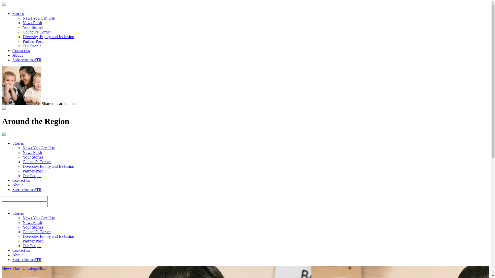 This screenshot has height=278, width=495. I want to click on 'Diversity, Equity and Inclusion', so click(48, 236).